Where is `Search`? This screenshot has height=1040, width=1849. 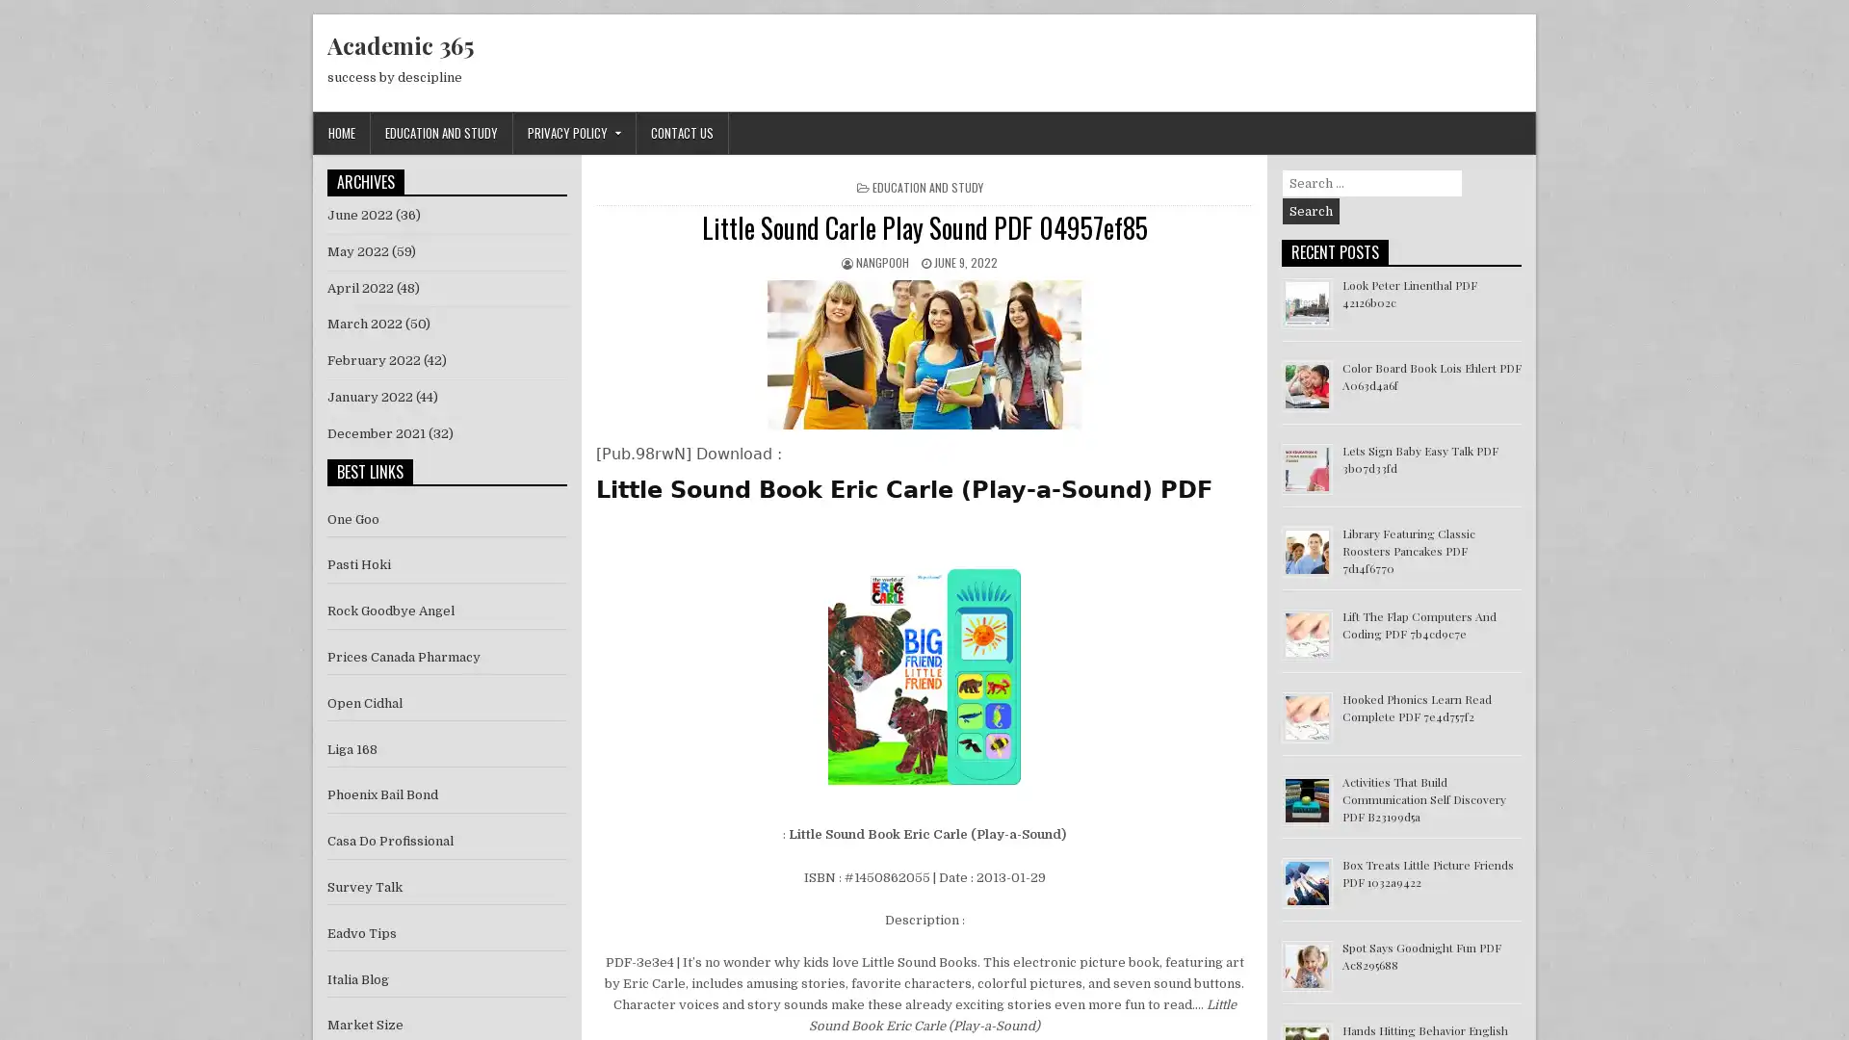 Search is located at coordinates (1310, 211).